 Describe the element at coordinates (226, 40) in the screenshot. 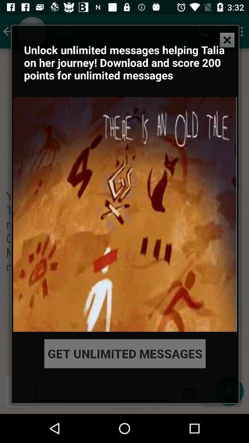

I see `window` at that location.